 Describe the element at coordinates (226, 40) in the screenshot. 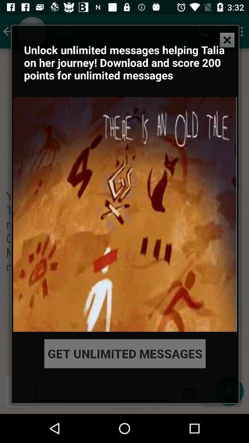

I see `window` at that location.